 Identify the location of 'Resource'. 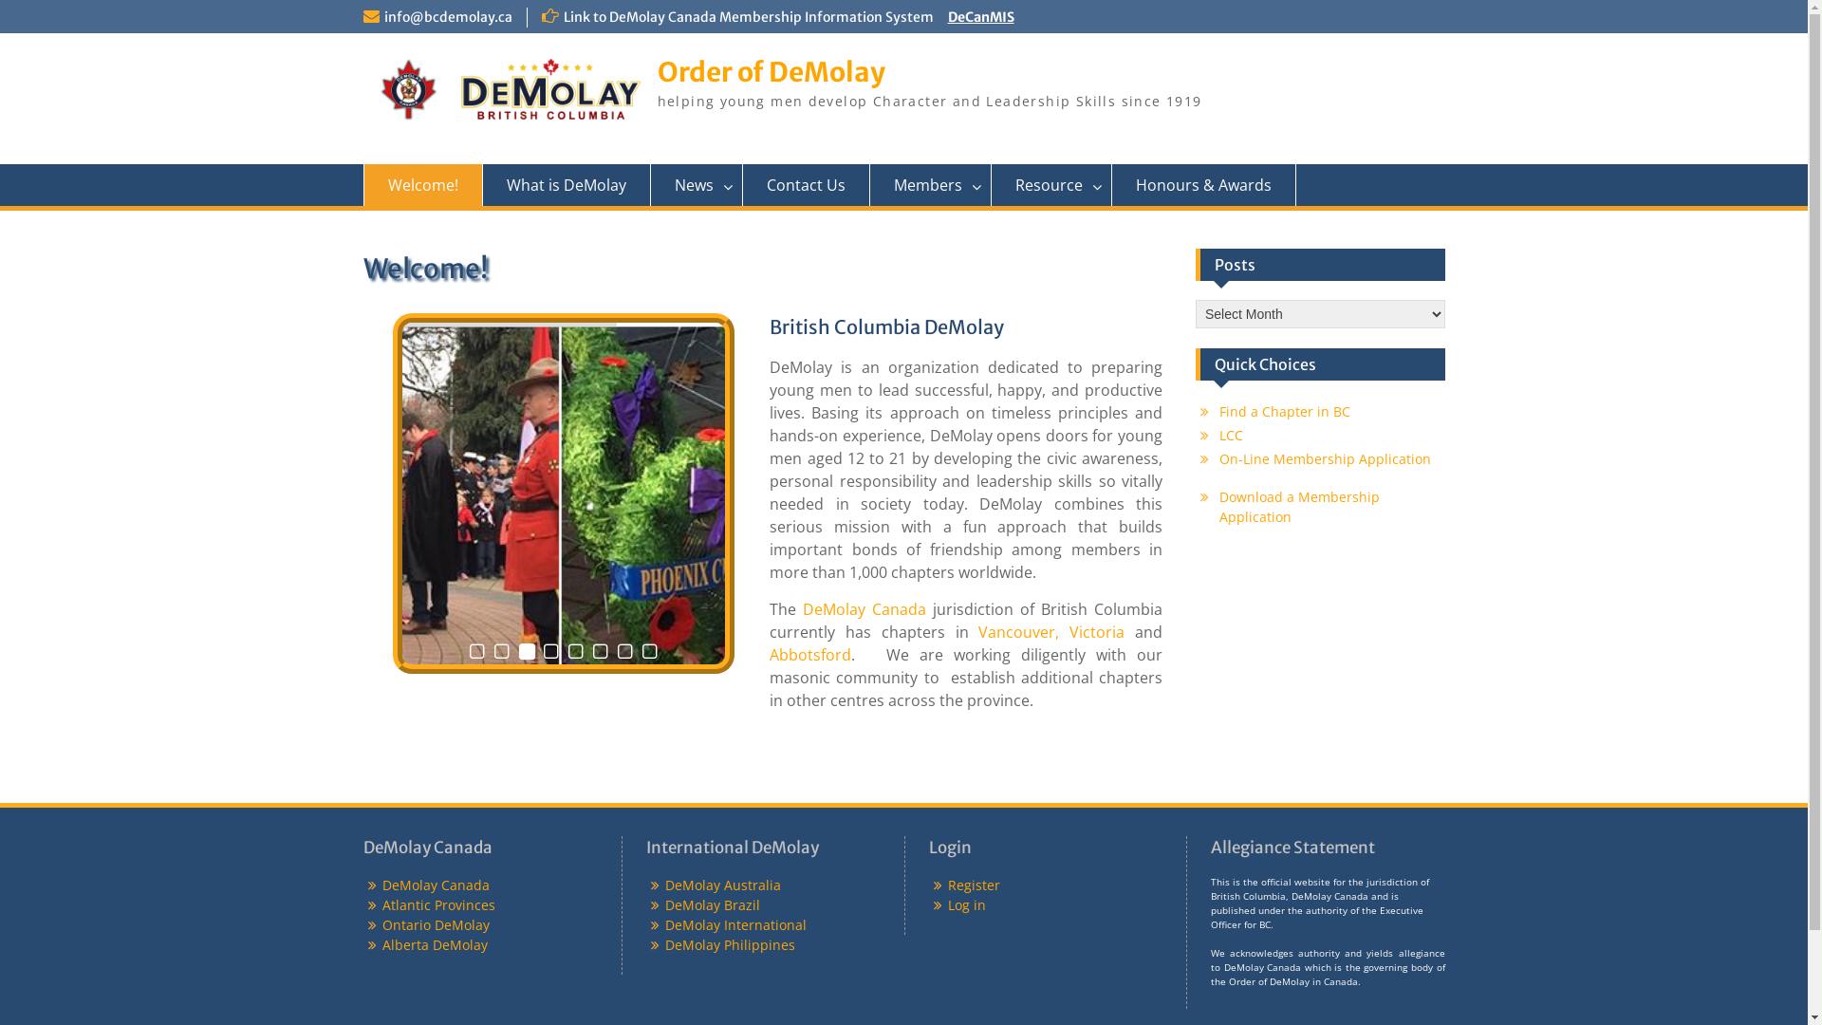
(1050, 185).